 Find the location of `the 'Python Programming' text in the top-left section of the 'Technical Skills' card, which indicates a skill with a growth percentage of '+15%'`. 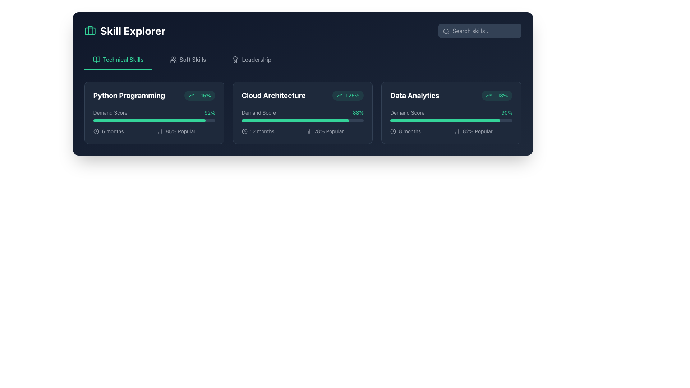

the 'Python Programming' text in the top-left section of the 'Technical Skills' card, which indicates a skill with a growth percentage of '+15%' is located at coordinates (154, 95).